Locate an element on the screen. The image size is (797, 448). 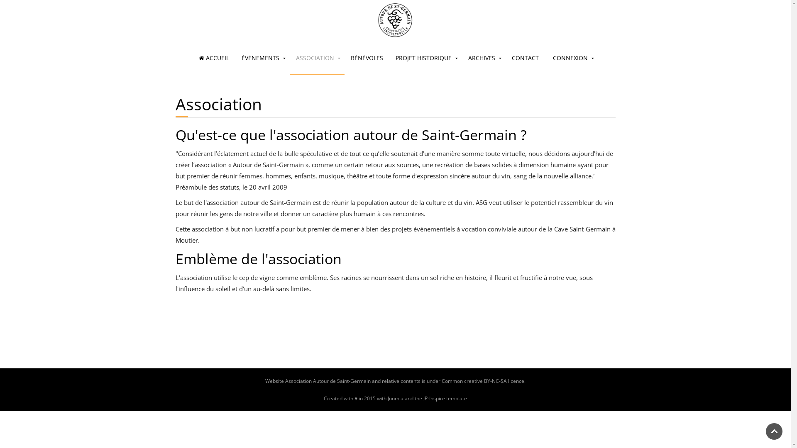
'ASSOCIATION' is located at coordinates (316, 57).